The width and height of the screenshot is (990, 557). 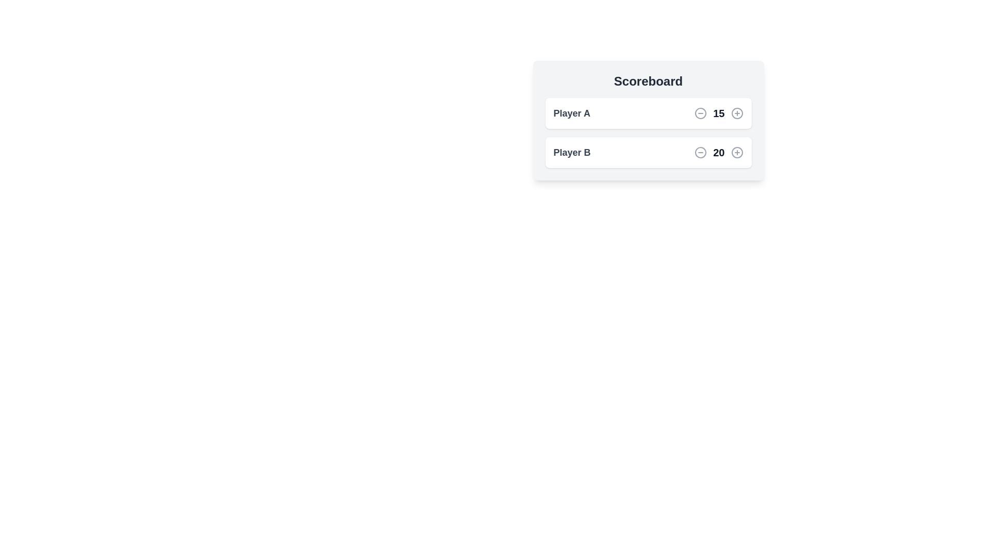 I want to click on text content of the scoreboard title located at the top of the scoreboard section, which is a static text element within a card-like structure, so click(x=648, y=81).